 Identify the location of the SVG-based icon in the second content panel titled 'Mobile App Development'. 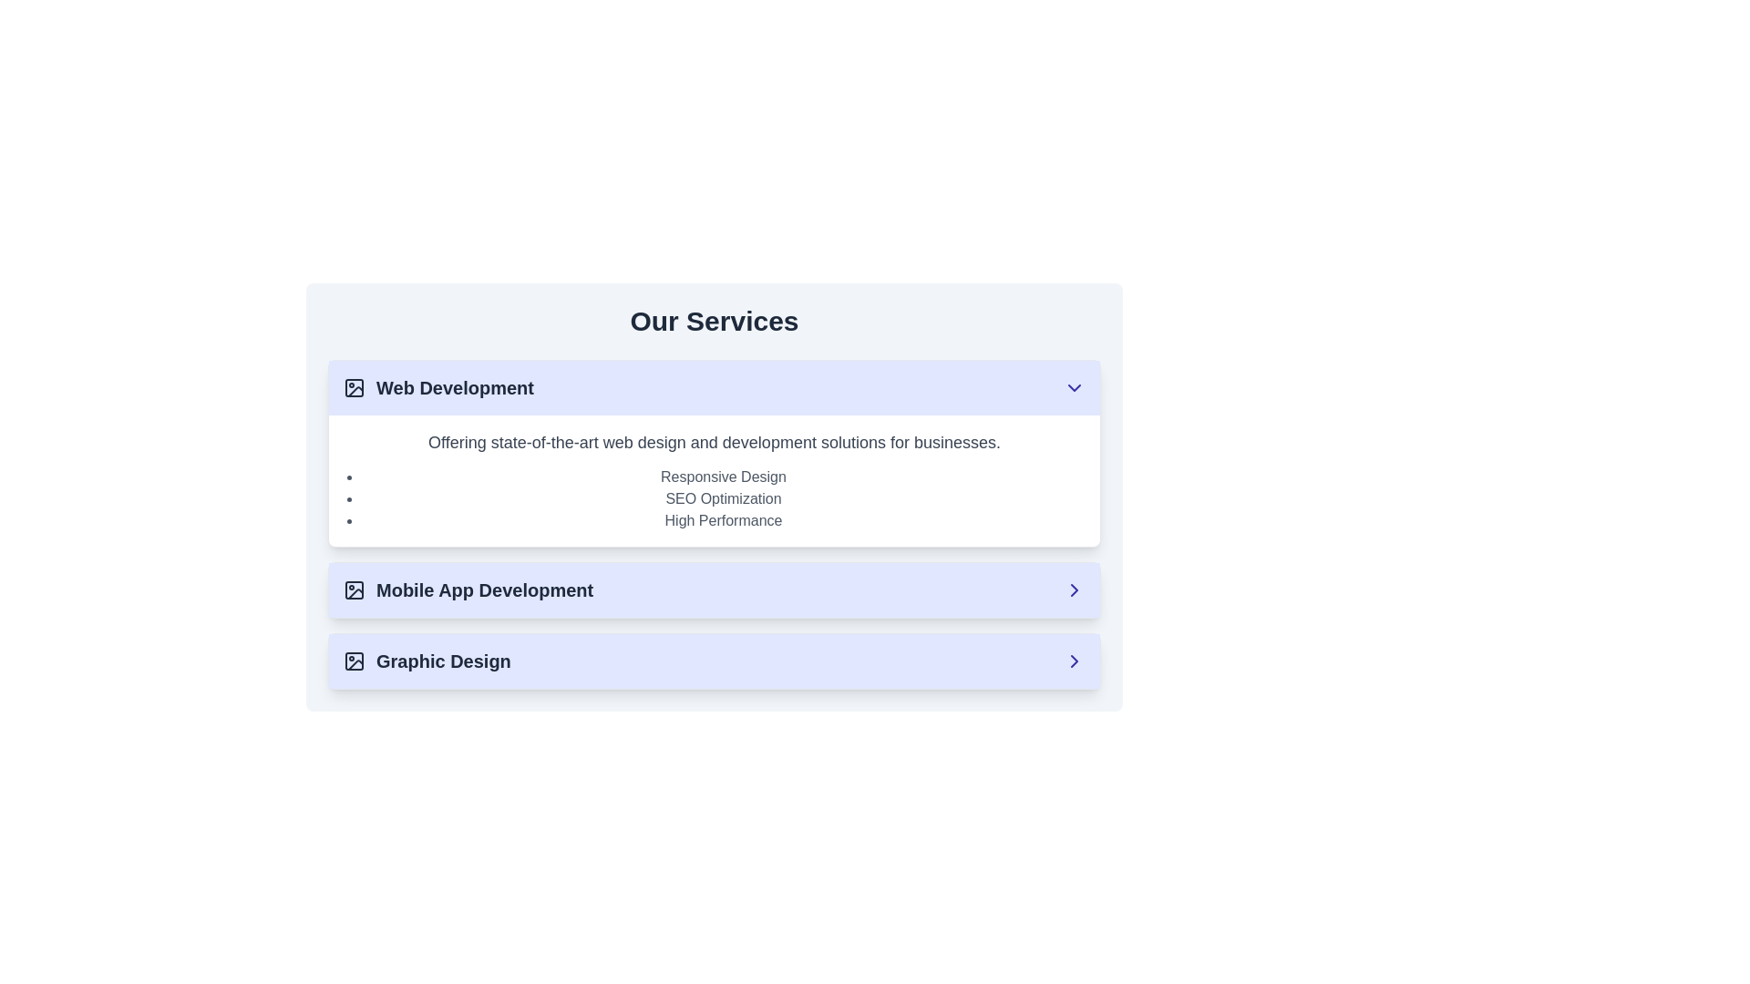
(1075, 590).